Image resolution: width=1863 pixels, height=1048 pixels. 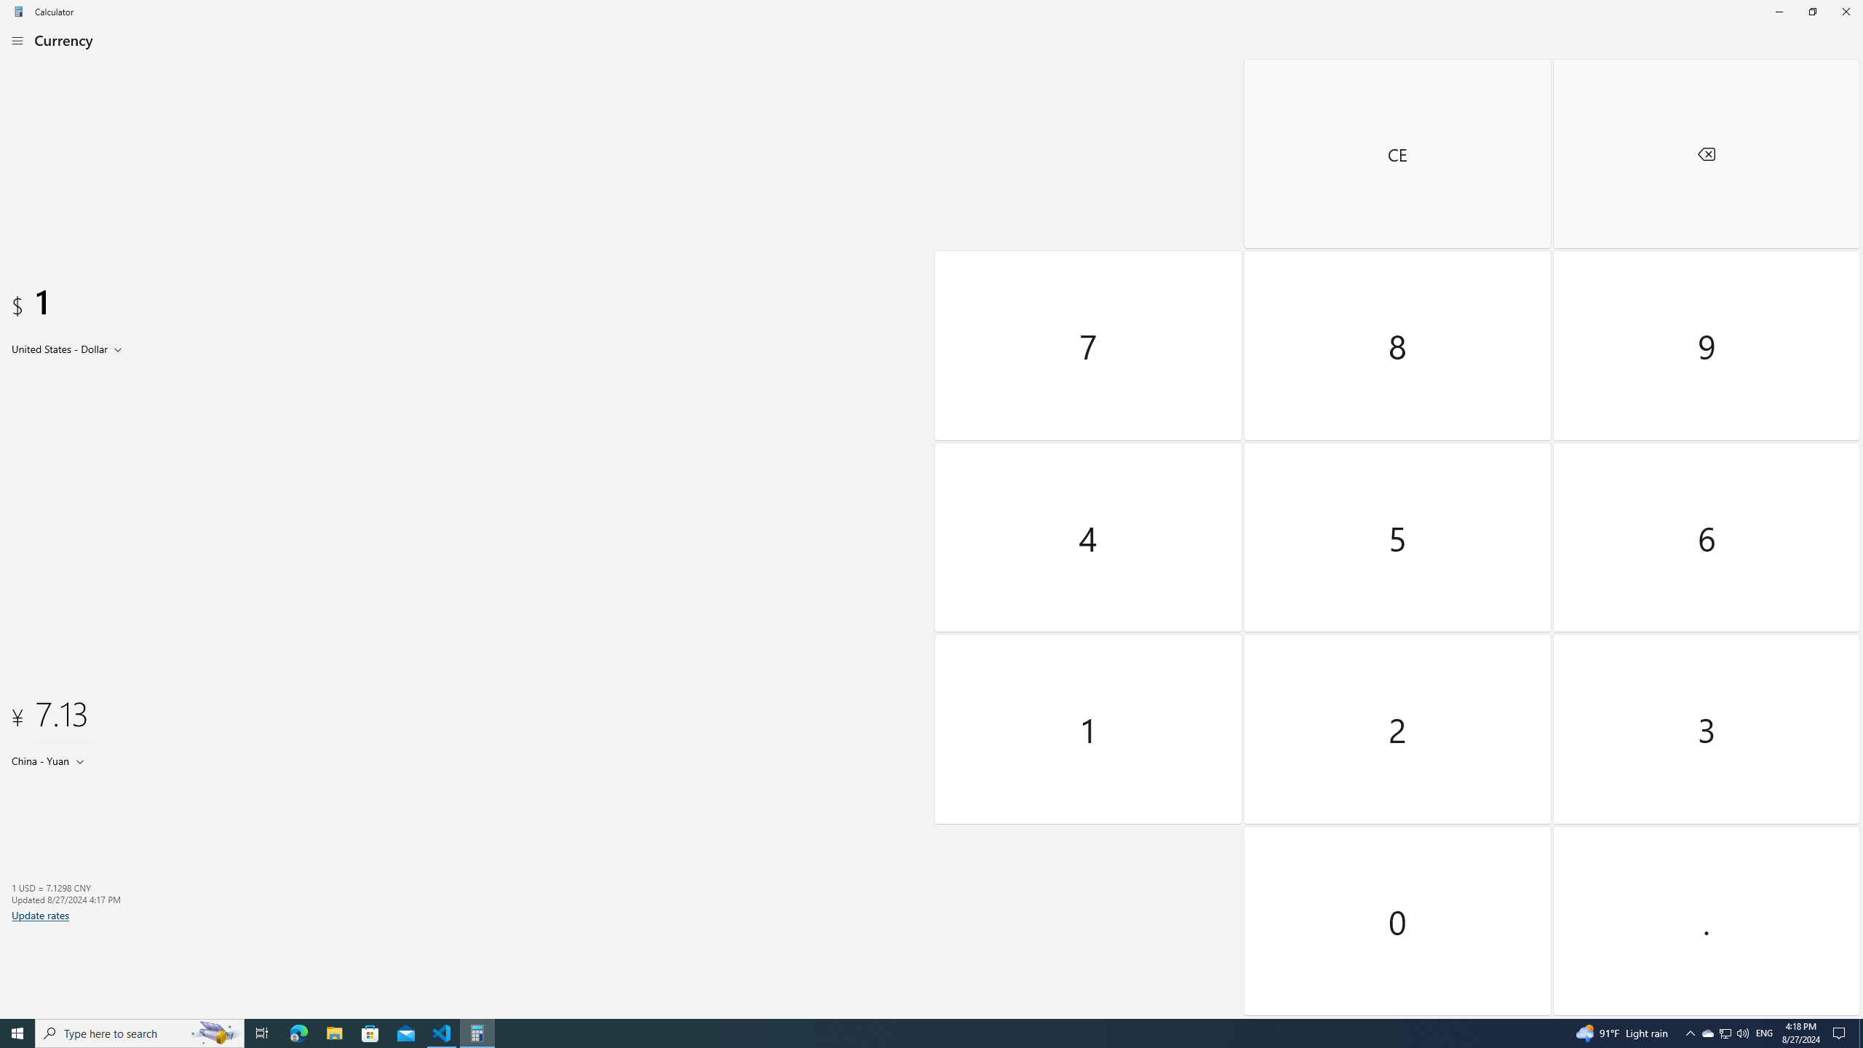 I want to click on 'Six', so click(x=1705, y=536).